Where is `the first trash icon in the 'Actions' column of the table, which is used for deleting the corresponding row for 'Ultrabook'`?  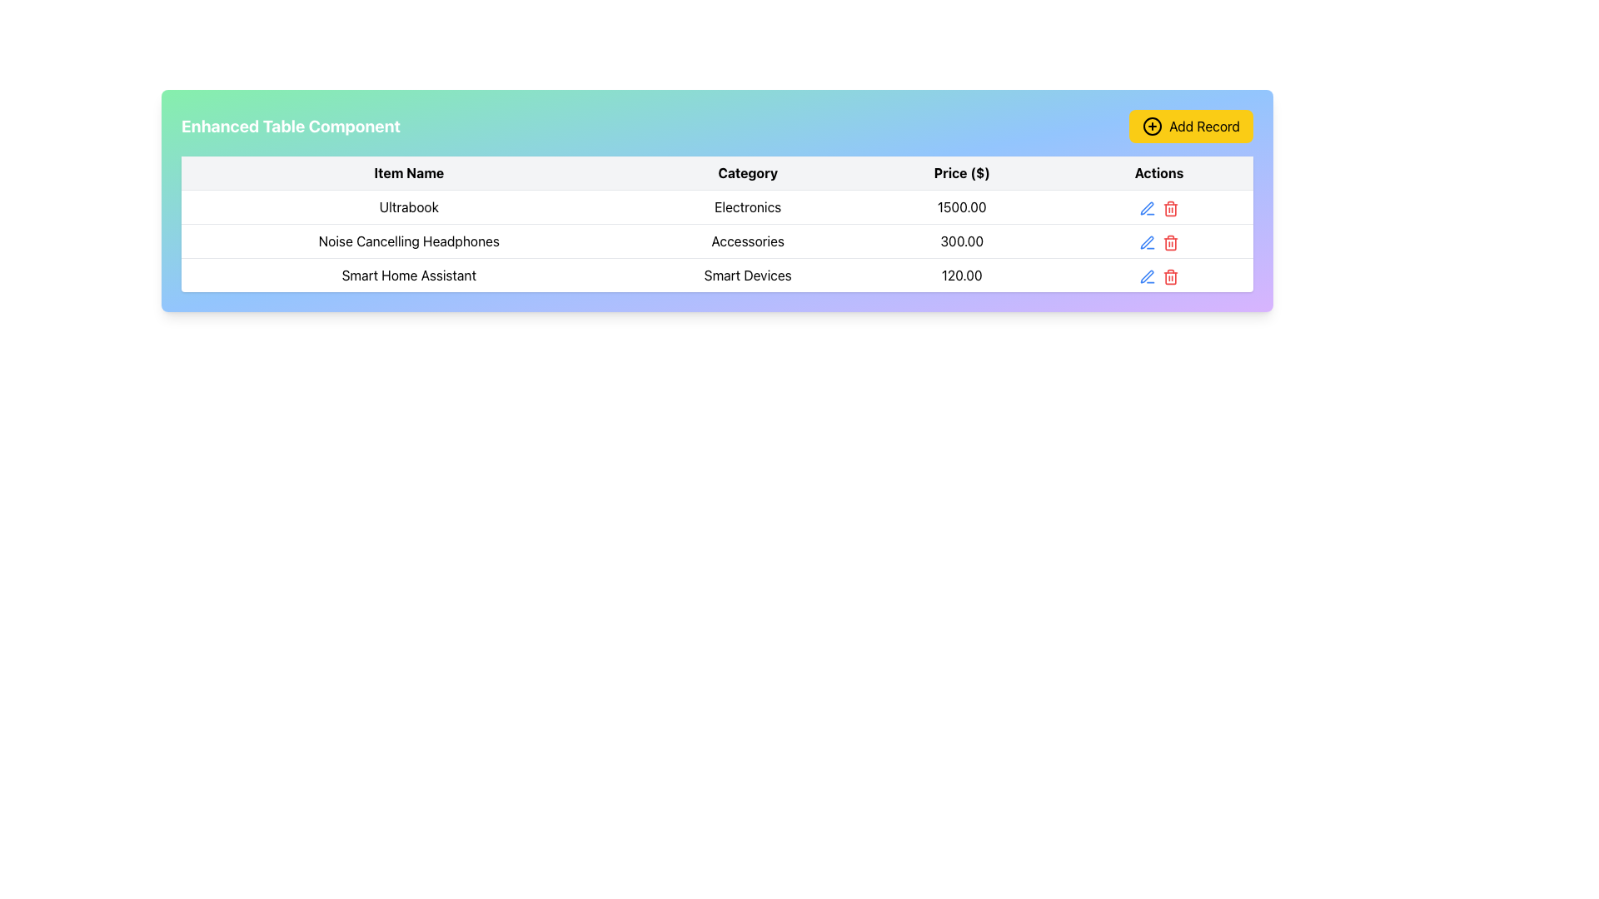
the first trash icon in the 'Actions' column of the table, which is used for deleting the corresponding row for 'Ultrabook' is located at coordinates (1169, 207).